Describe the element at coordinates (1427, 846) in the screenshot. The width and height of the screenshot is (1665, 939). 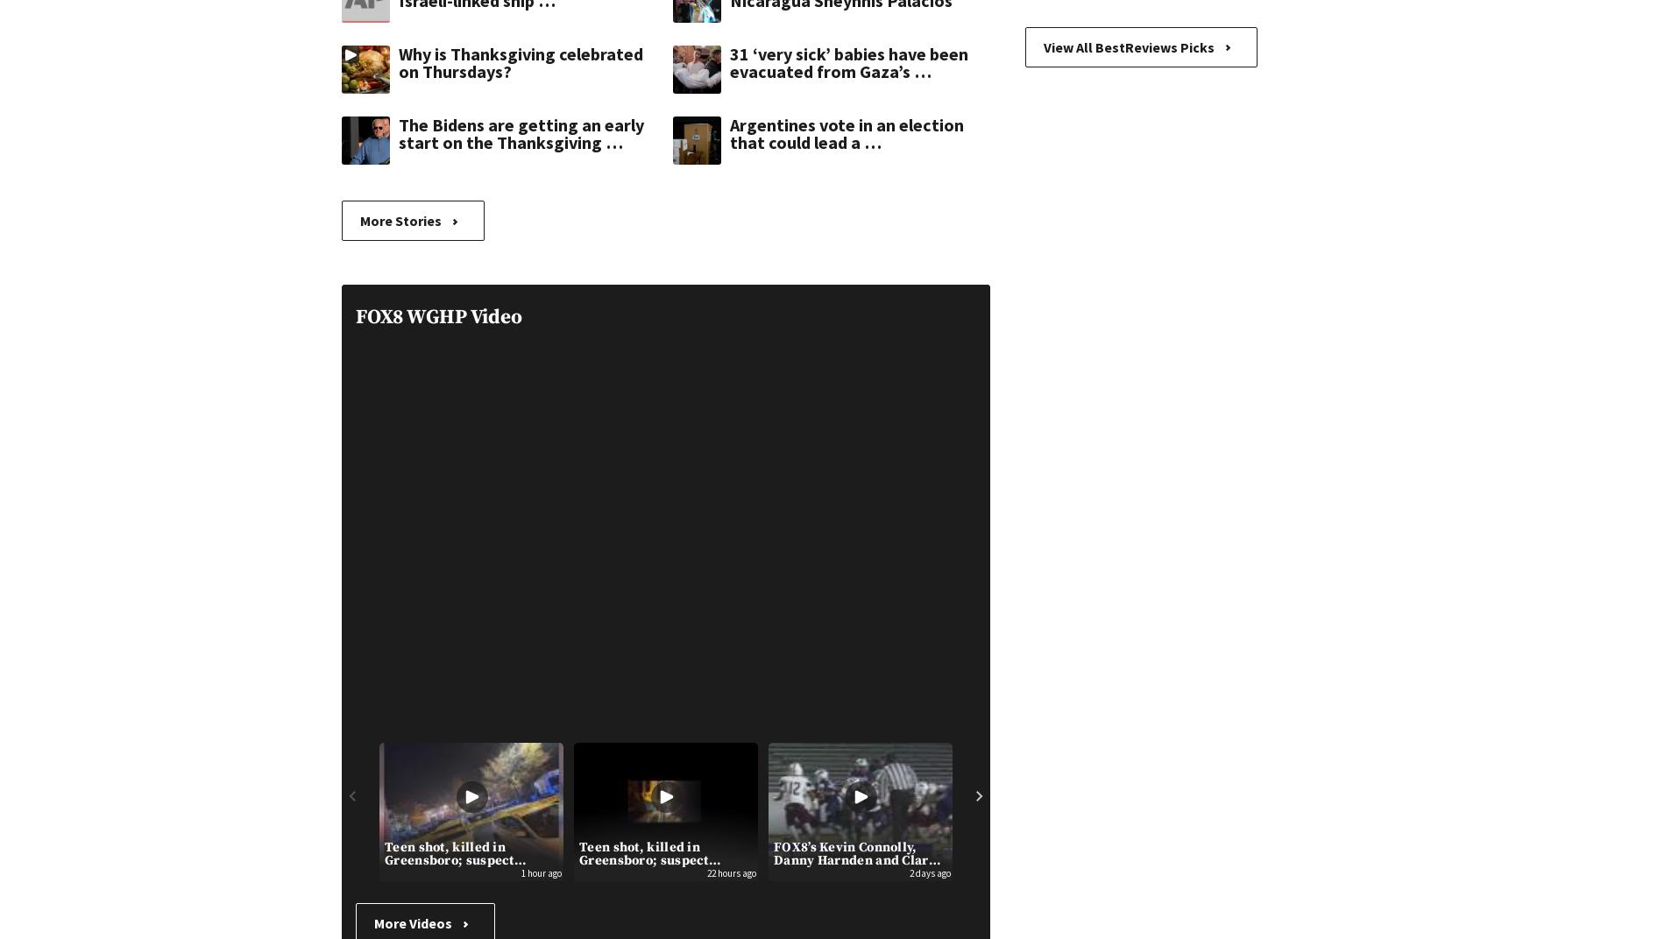
I see `'Brevard vs. Reidsville'` at that location.